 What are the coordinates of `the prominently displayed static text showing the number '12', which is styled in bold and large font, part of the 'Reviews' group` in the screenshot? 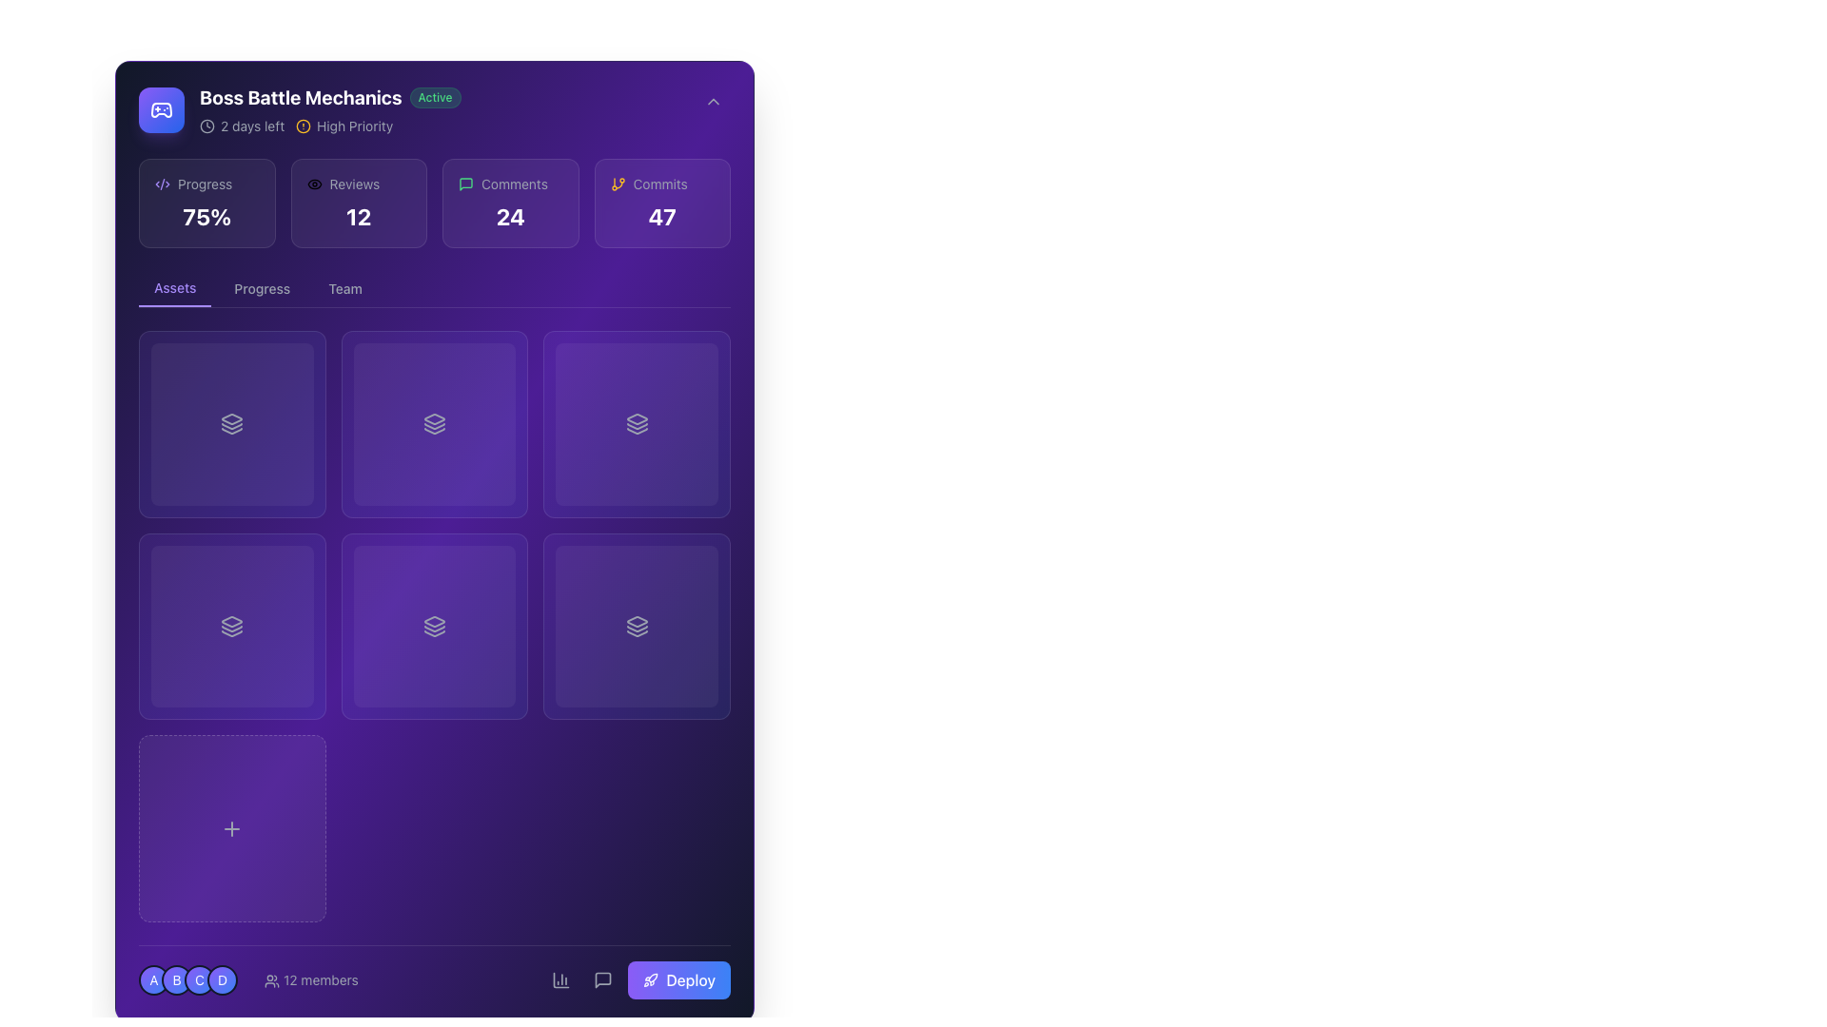 It's located at (359, 215).